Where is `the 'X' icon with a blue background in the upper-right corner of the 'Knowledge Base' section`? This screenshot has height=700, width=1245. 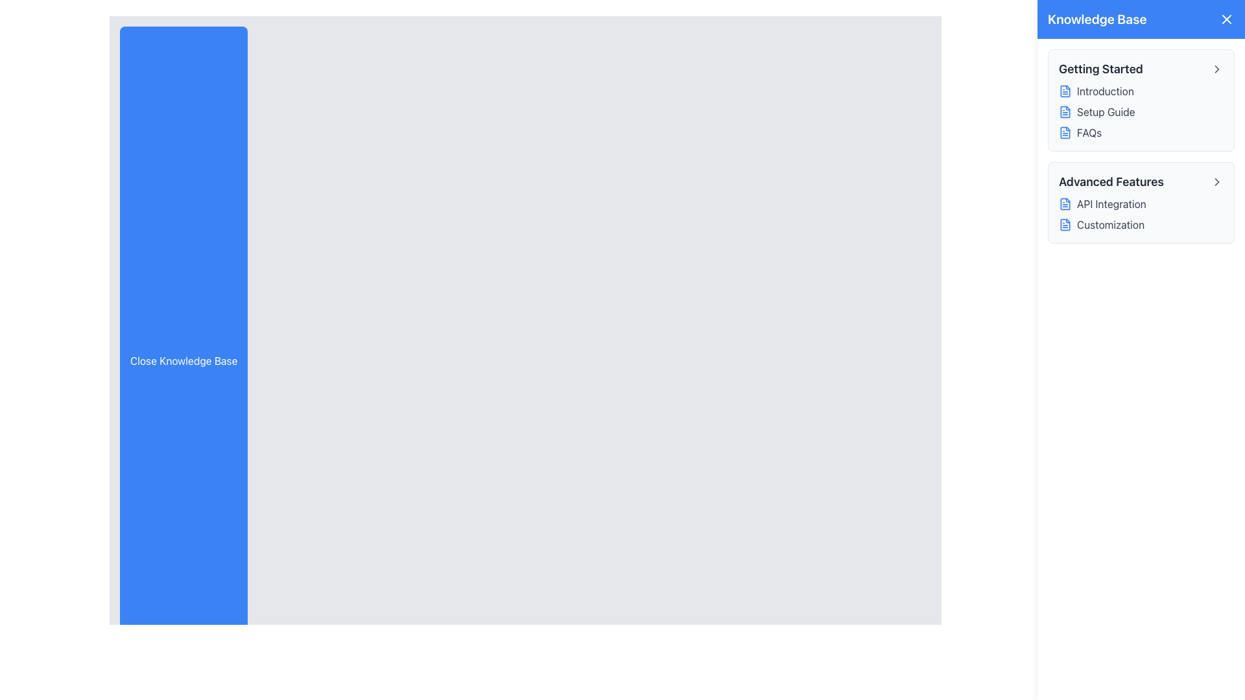 the 'X' icon with a blue background in the upper-right corner of the 'Knowledge Base' section is located at coordinates (1226, 19).